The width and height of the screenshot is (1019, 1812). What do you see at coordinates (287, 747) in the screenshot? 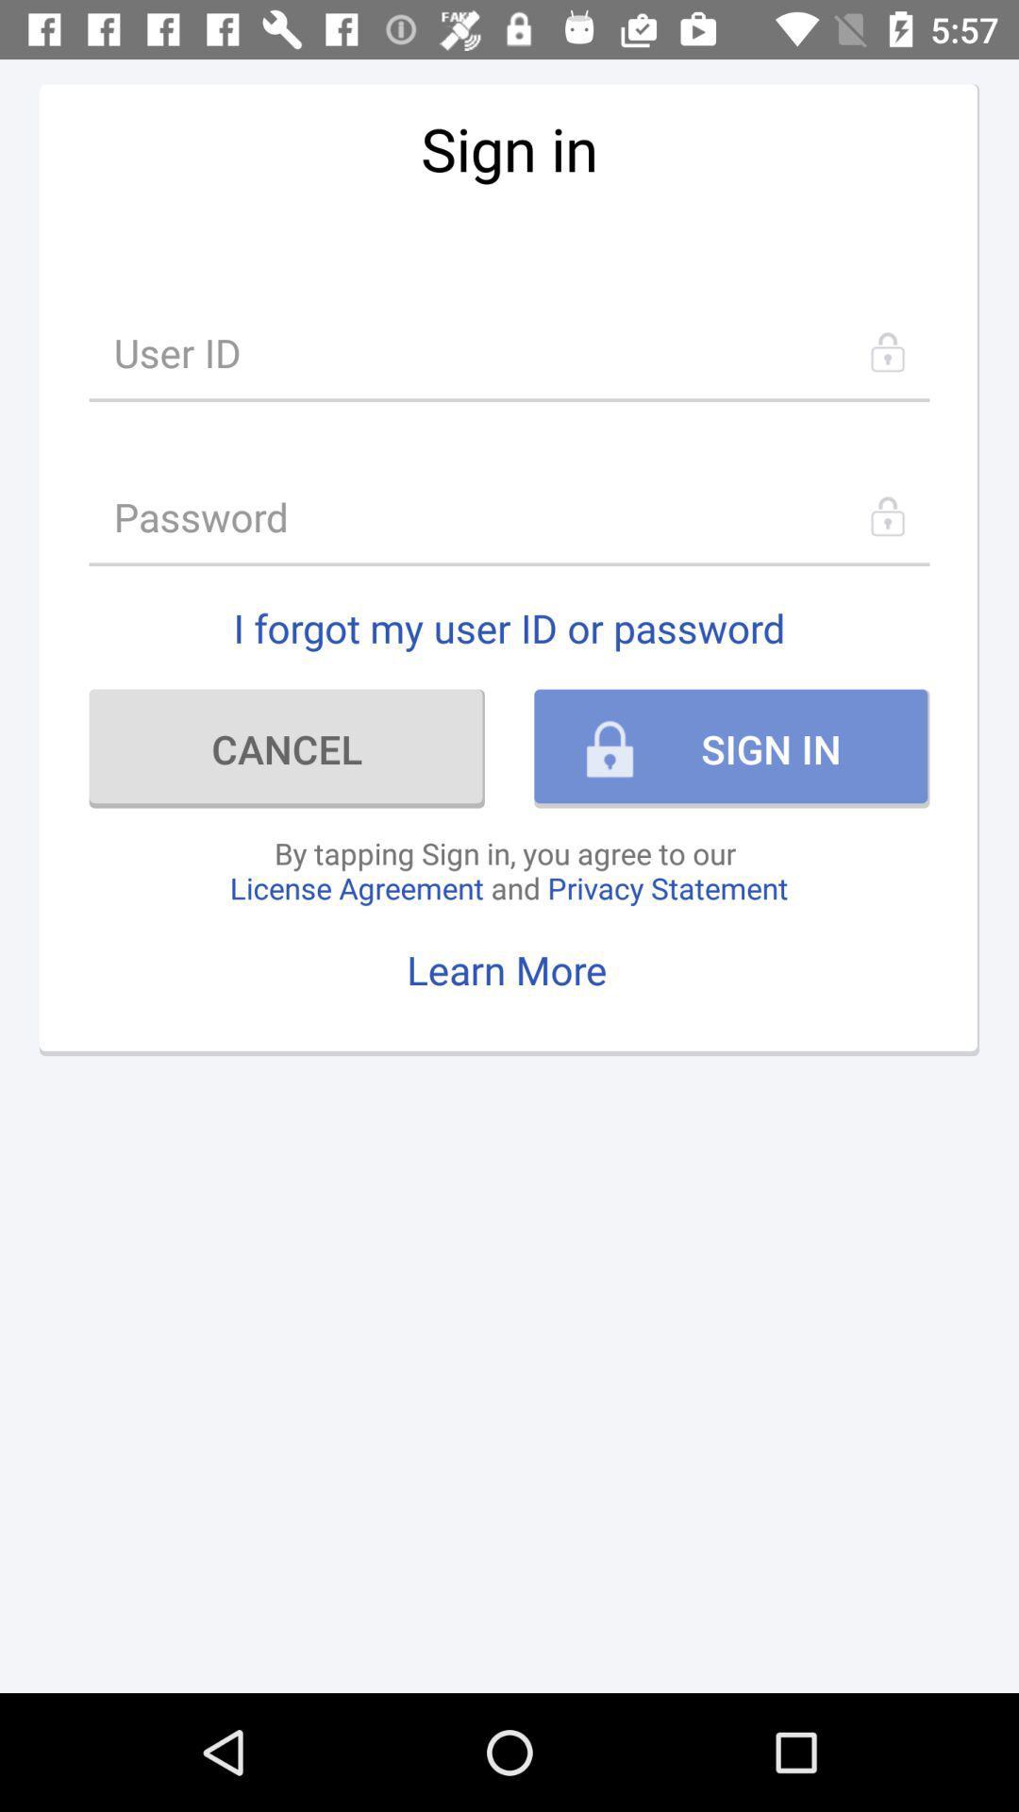
I see `the cancel item` at bounding box center [287, 747].